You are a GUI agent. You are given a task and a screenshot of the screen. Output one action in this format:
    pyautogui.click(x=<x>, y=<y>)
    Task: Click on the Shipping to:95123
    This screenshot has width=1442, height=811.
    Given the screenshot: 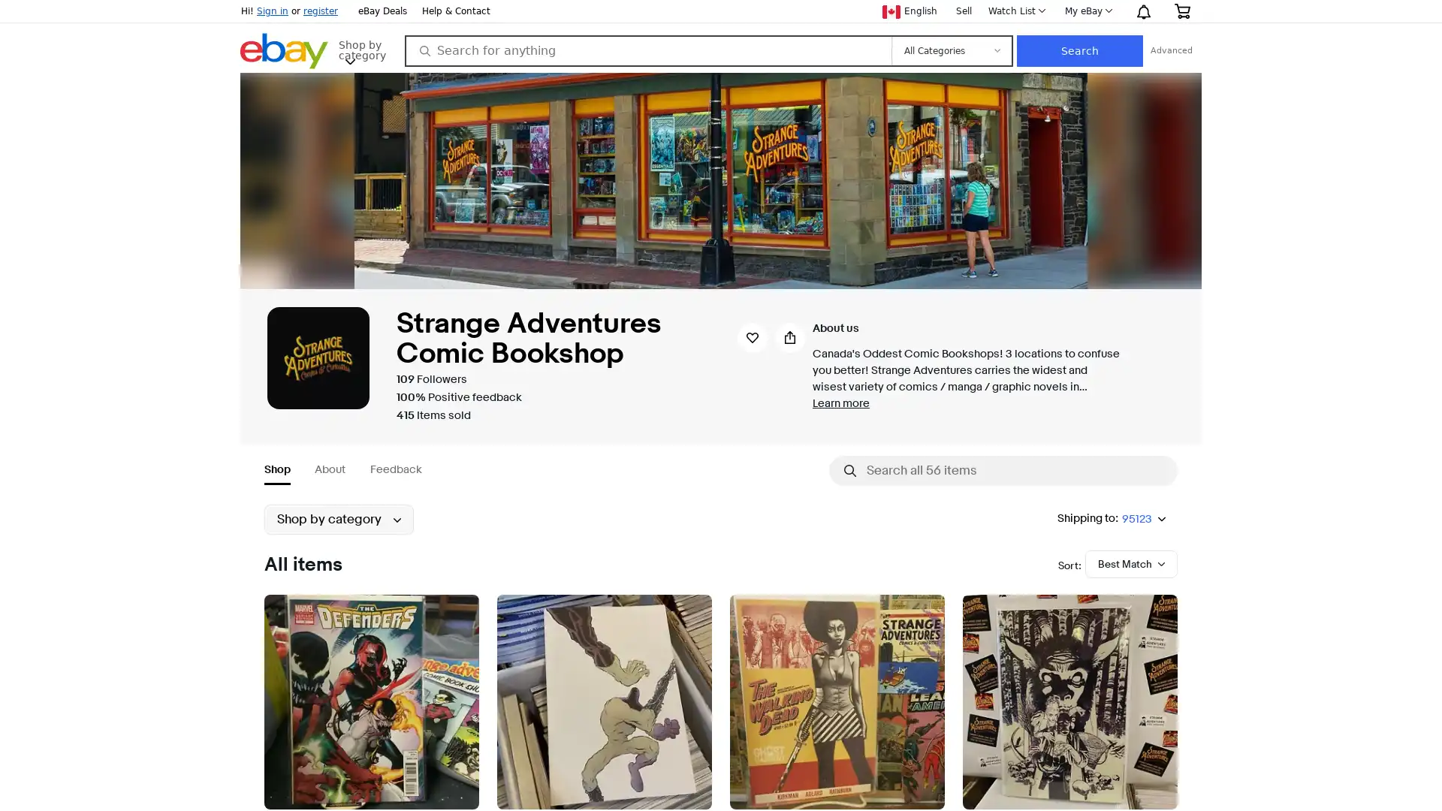 What is the action you would take?
    pyautogui.click(x=1108, y=517)
    